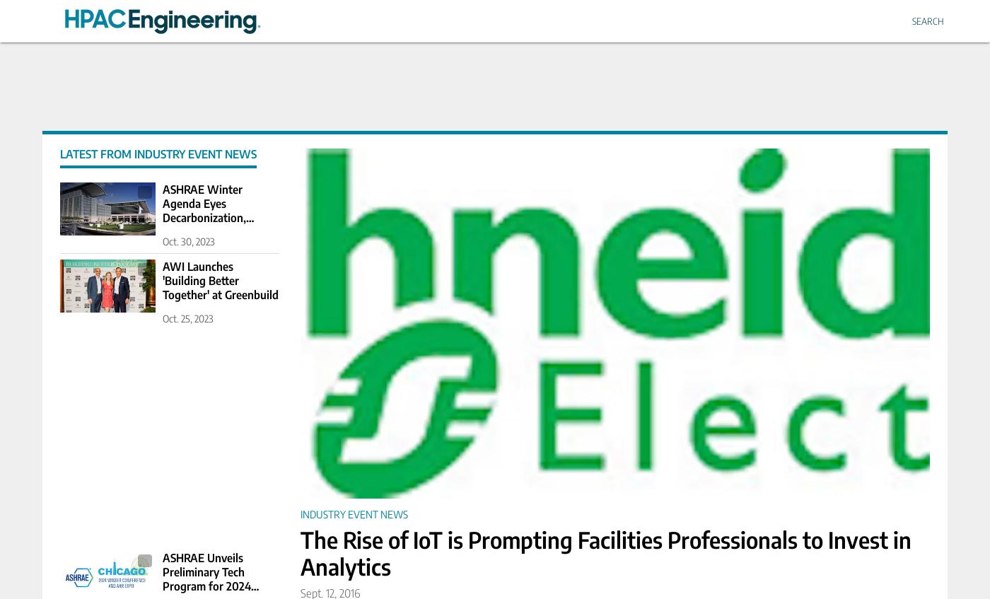  I want to click on 'Industry Event News', so click(353, 513).